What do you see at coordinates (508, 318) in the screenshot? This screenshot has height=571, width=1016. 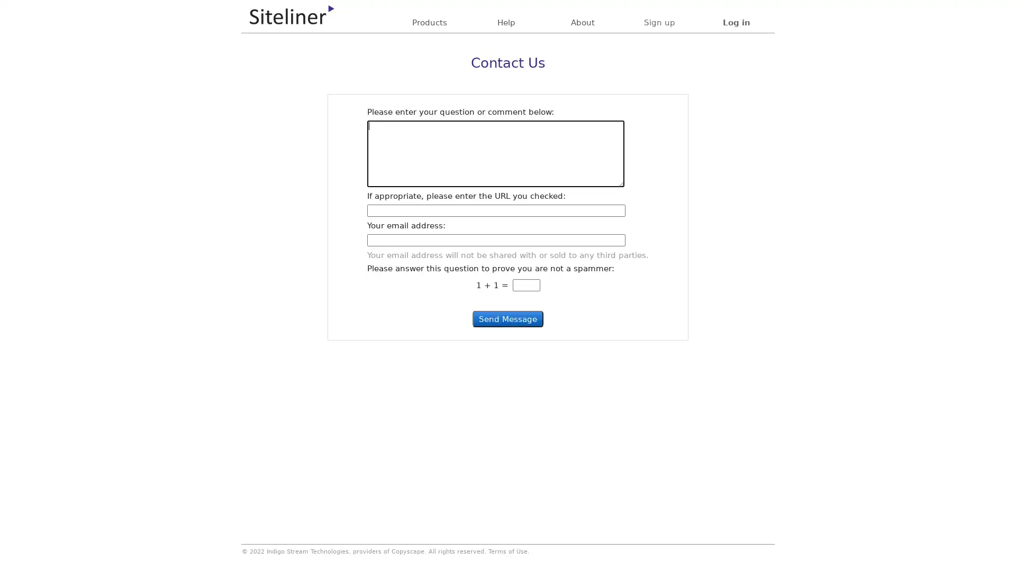 I see `Send Message` at bounding box center [508, 318].